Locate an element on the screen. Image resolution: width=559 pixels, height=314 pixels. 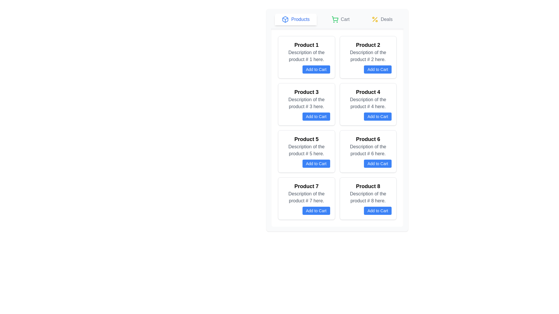
the 'Add Product 8' button located in the bottom-right corner of the 'Product 8' card is located at coordinates (368, 211).